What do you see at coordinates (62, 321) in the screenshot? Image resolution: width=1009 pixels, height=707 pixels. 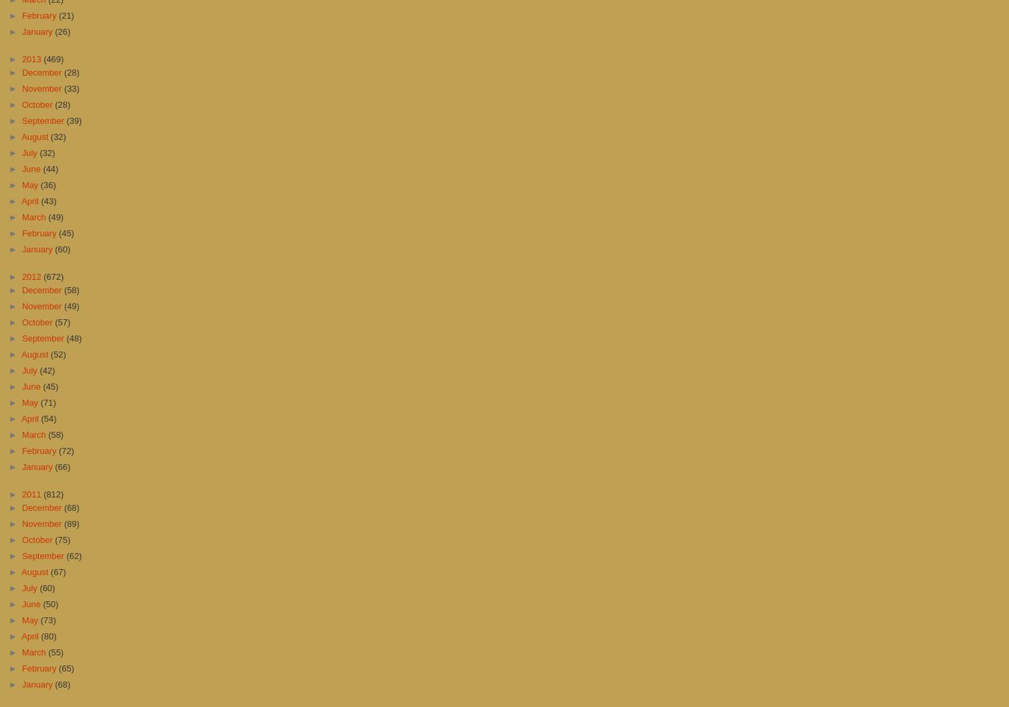 I see `'(57)'` at bounding box center [62, 321].